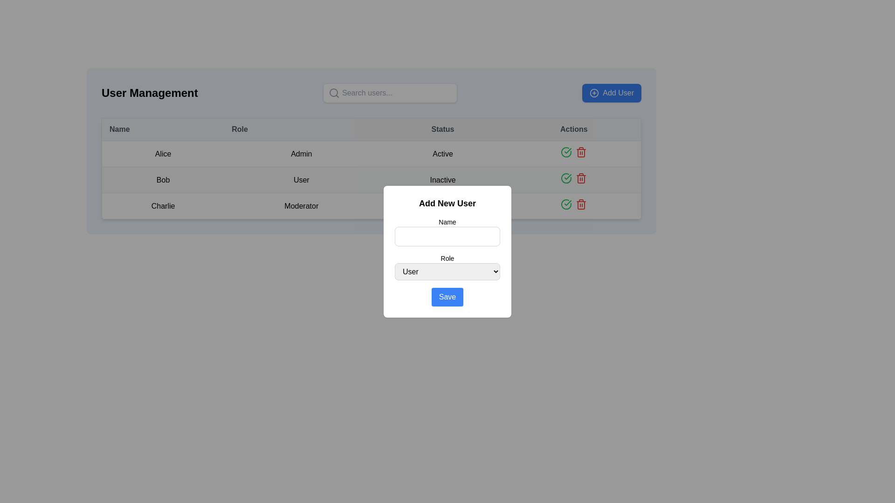 The width and height of the screenshot is (895, 503). Describe the element at coordinates (163, 180) in the screenshot. I see `the static text element representing the user's name in the second row of the user management table, located in the first column under the 'Name' header` at that location.